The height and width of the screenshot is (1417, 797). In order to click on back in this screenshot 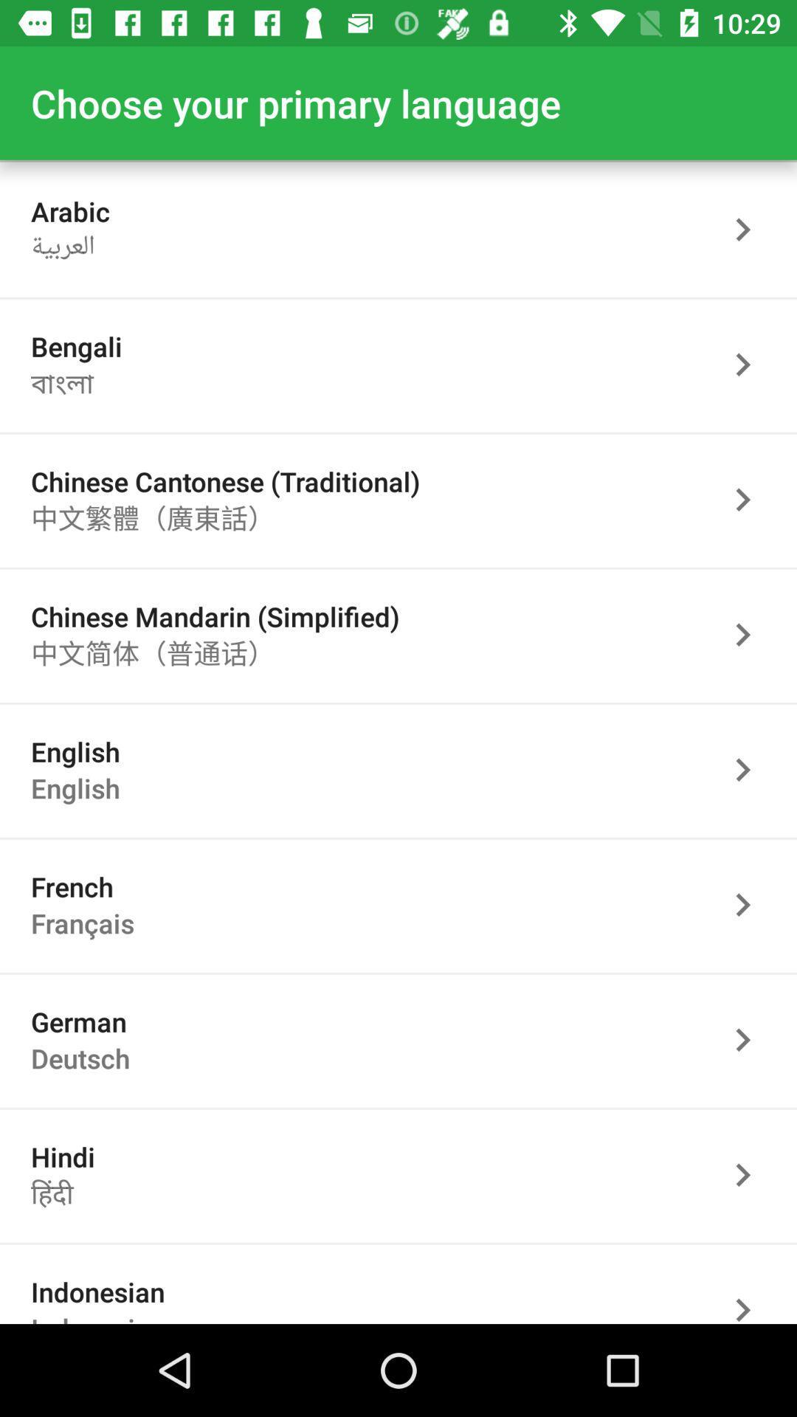, I will do `click(751, 365)`.